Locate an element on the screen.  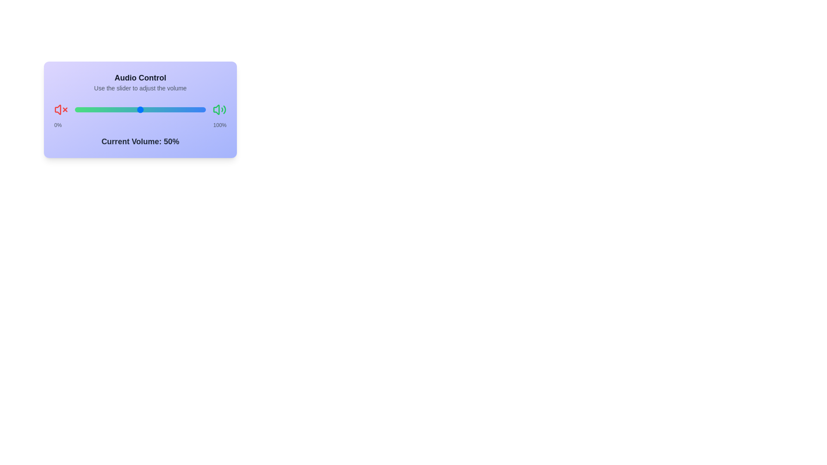
the slider to set the volume to 15% is located at coordinates (94, 109).